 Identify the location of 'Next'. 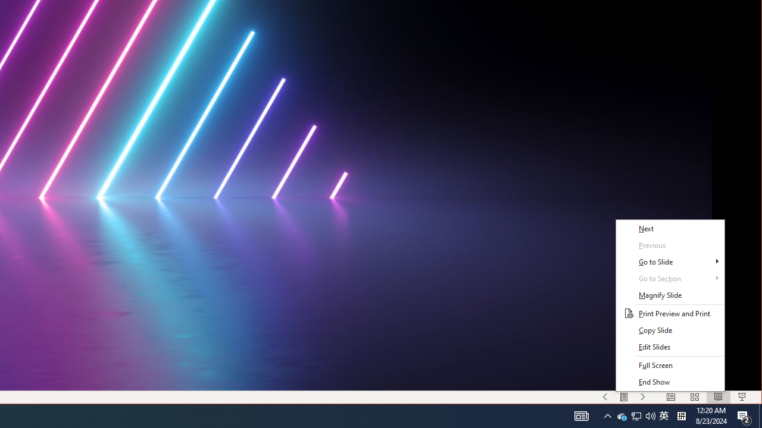
(670, 228).